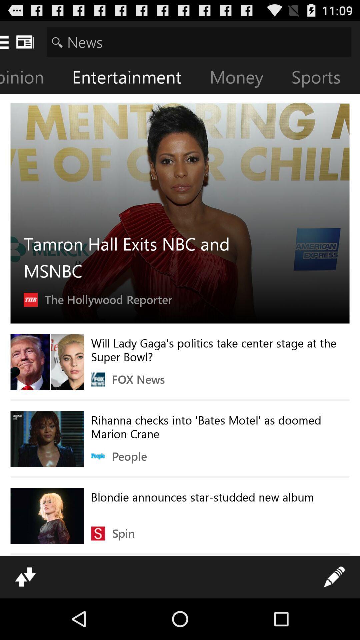 The width and height of the screenshot is (360, 640). What do you see at coordinates (321, 78) in the screenshot?
I see `sports item` at bounding box center [321, 78].